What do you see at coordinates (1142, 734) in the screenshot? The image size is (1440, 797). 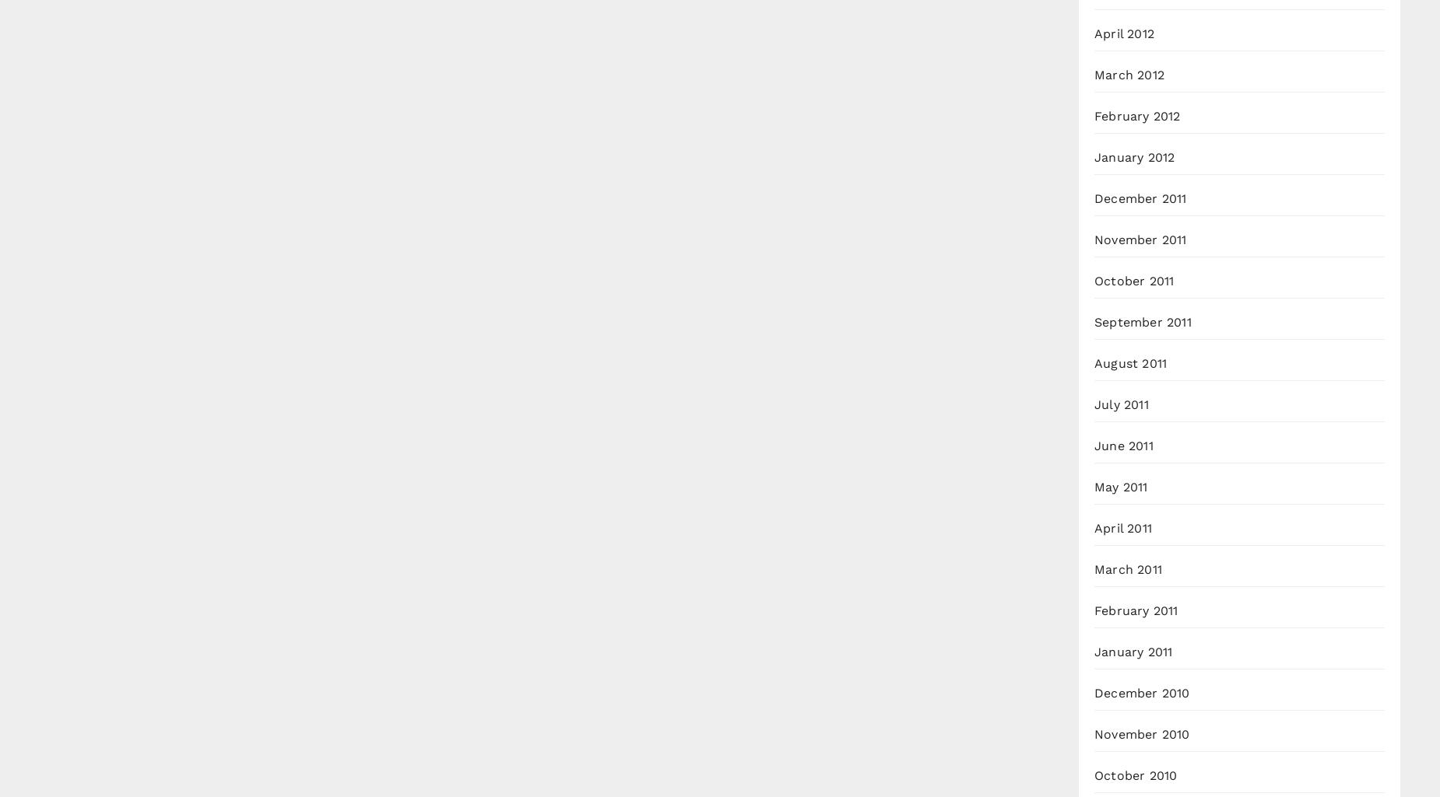 I see `'November 2010'` at bounding box center [1142, 734].